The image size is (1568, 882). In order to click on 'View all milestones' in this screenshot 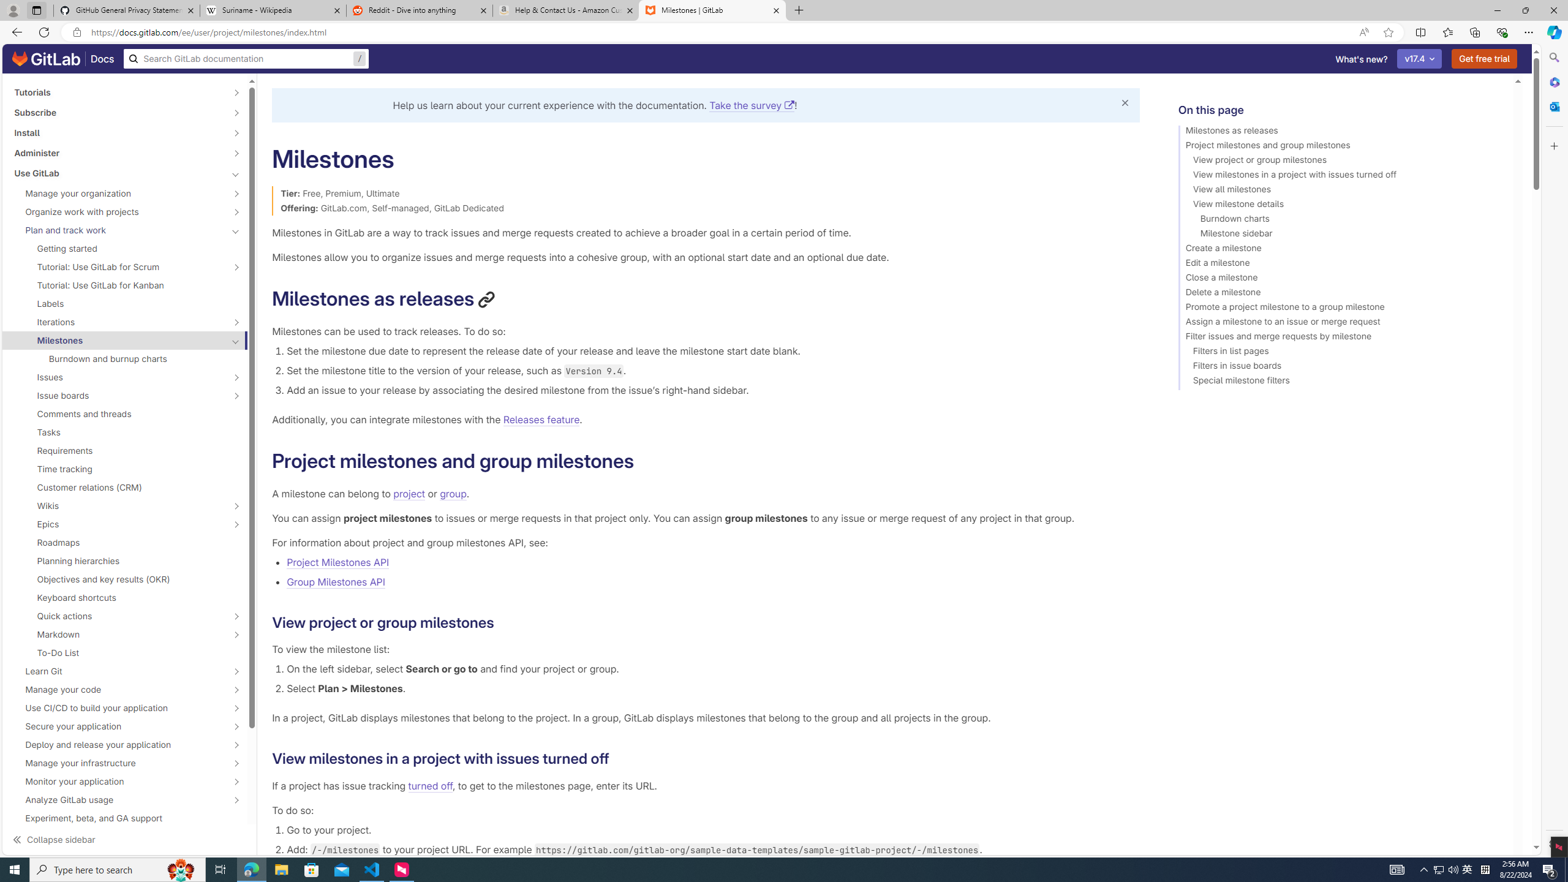, I will do `click(1340, 190)`.